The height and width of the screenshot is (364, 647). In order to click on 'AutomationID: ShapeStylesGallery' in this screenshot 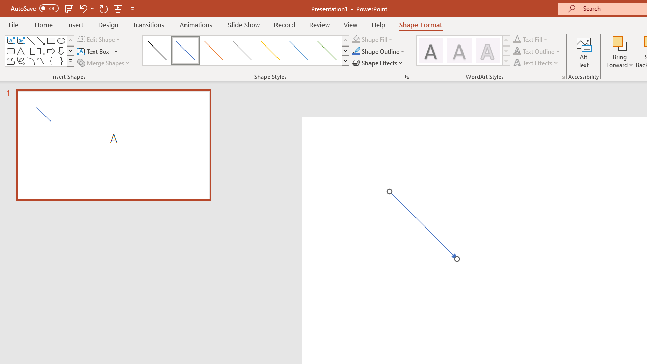, I will do `click(246, 51)`.